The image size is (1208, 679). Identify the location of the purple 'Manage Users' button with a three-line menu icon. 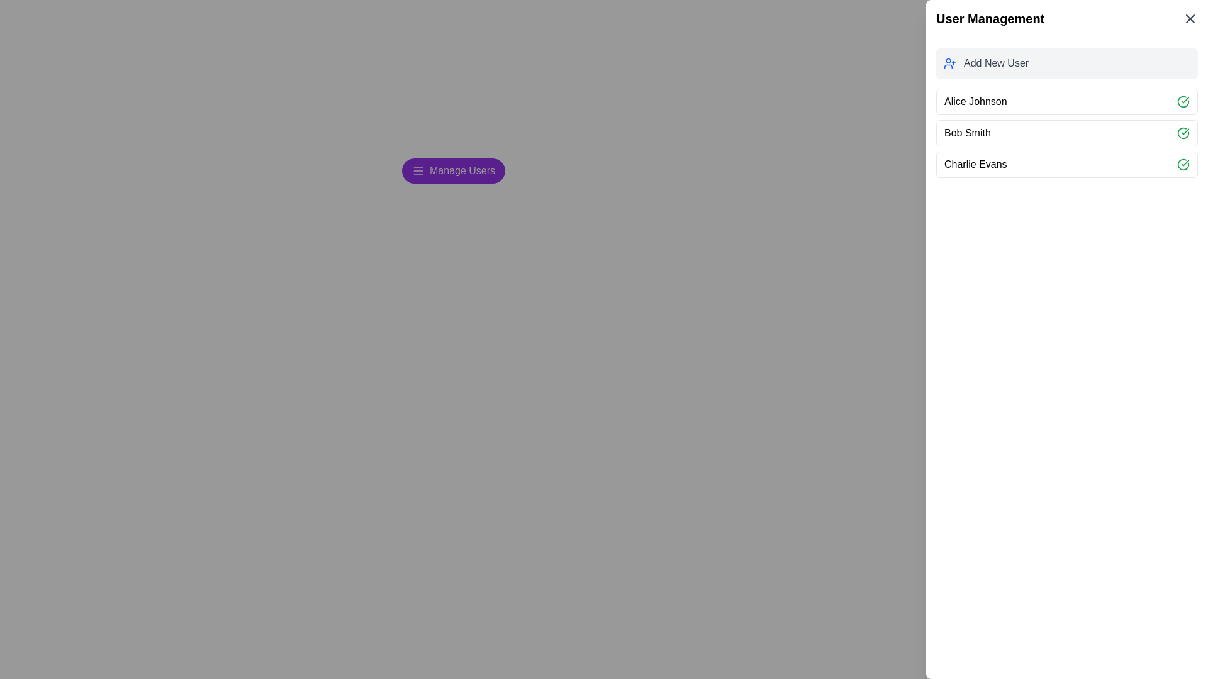
(453, 171).